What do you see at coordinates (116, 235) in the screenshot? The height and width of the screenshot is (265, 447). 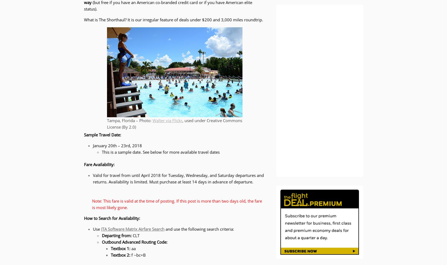 I see `'Departing from:'` at bounding box center [116, 235].